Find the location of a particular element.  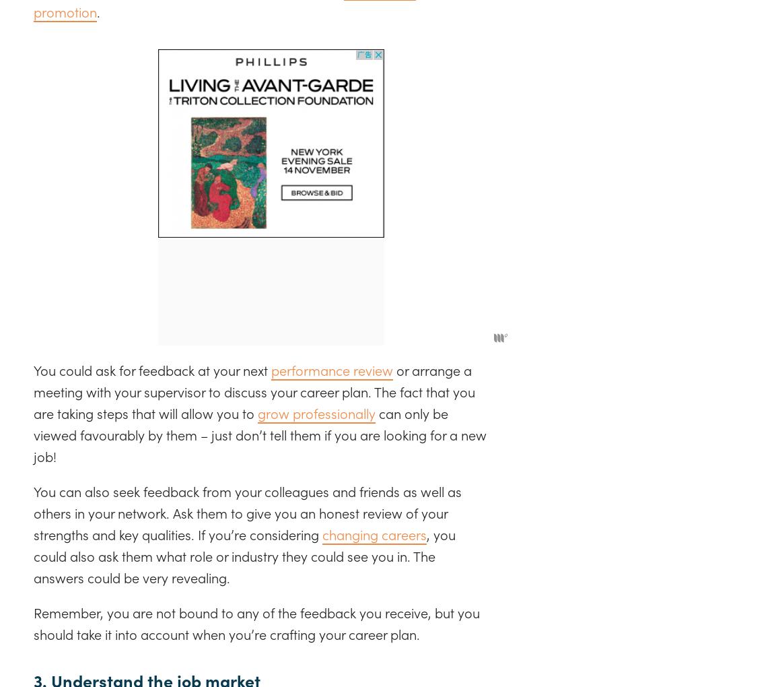

'can only be viewed favourably by them – just don’t tell them if you are looking for a new job!' is located at coordinates (260, 434).